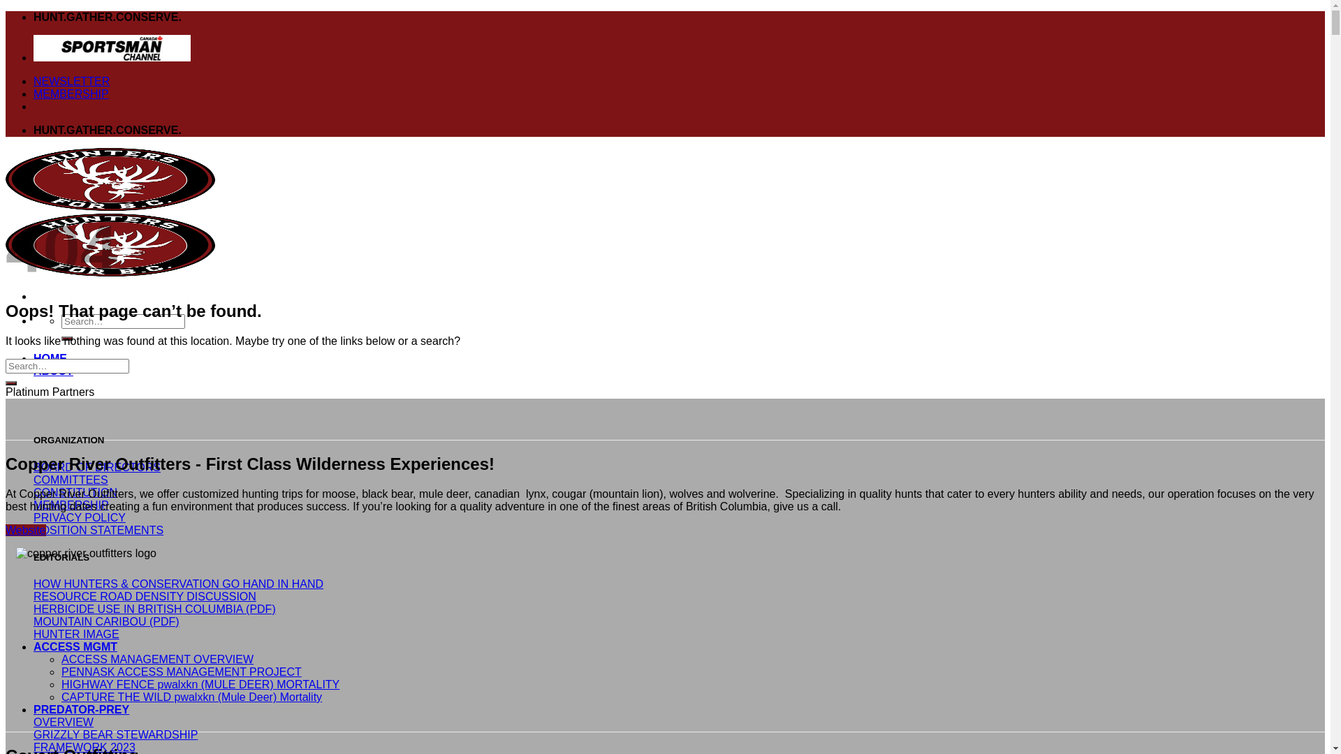 The image size is (1341, 754). Describe the element at coordinates (96, 467) in the screenshot. I see `'BOARD OF DIRECTORS'` at that location.